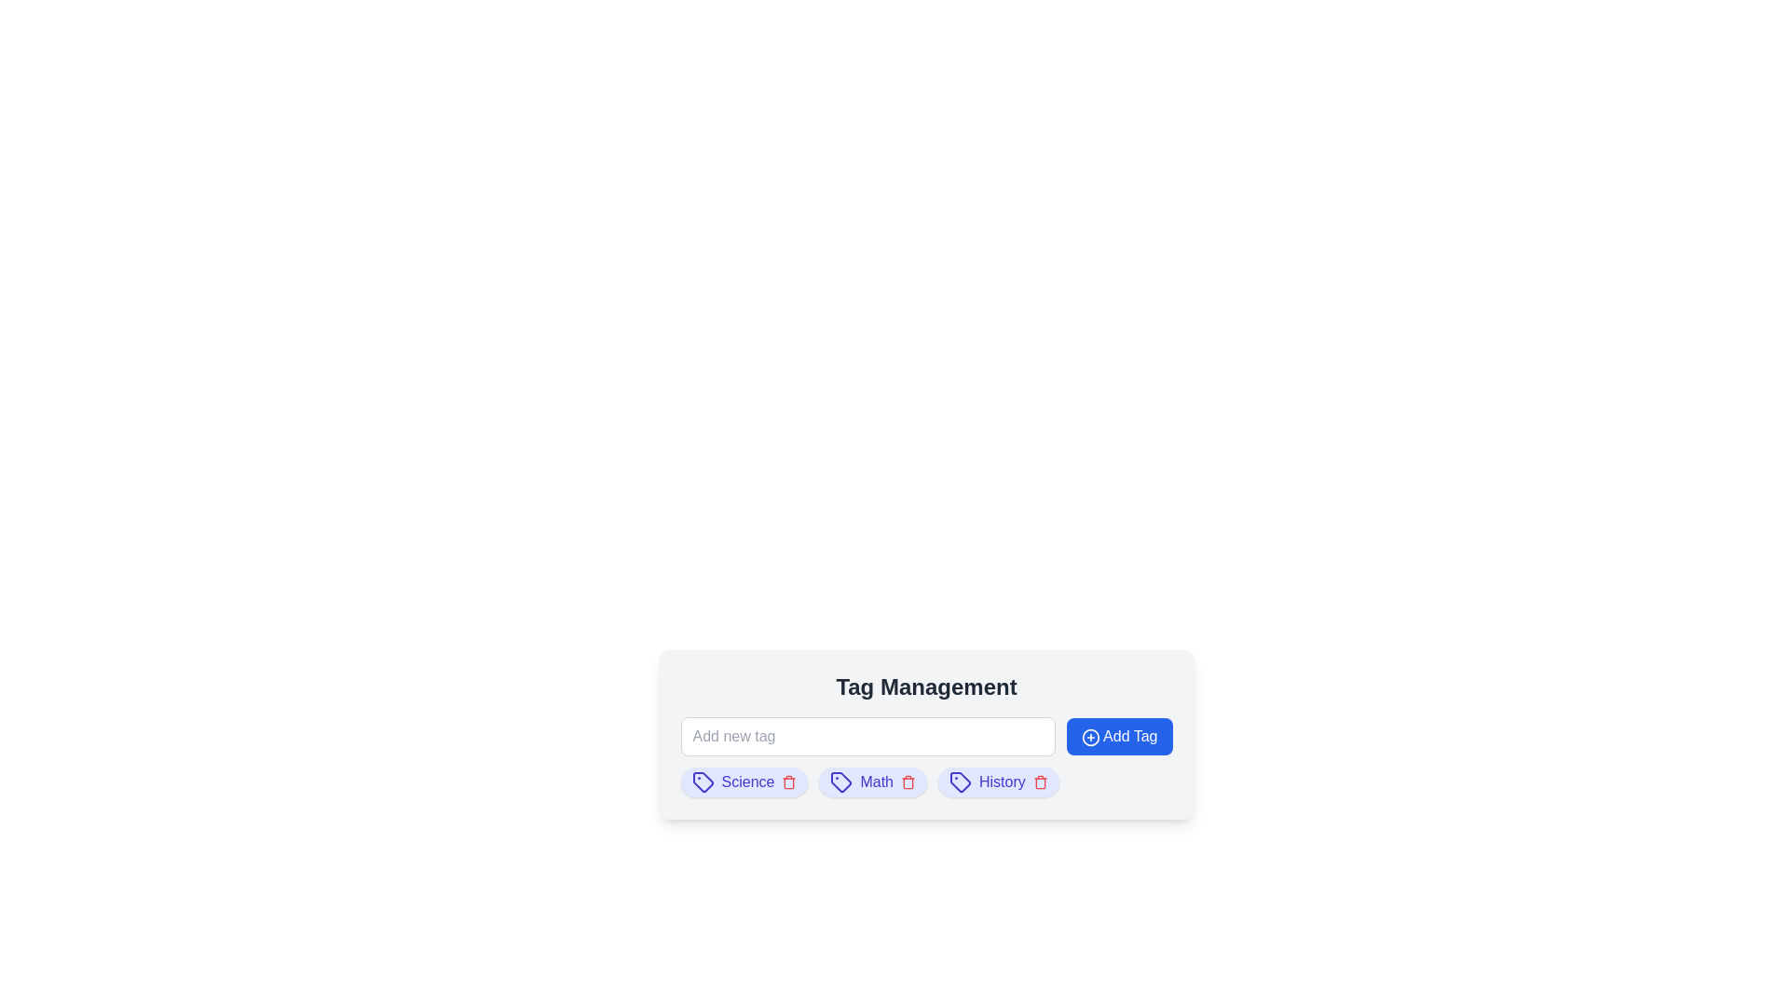 The width and height of the screenshot is (1789, 1006). What do you see at coordinates (997, 782) in the screenshot?
I see `the label of the third tag in the Tag Management section, which is labeled 'History' and has a trash icon for removal` at bounding box center [997, 782].